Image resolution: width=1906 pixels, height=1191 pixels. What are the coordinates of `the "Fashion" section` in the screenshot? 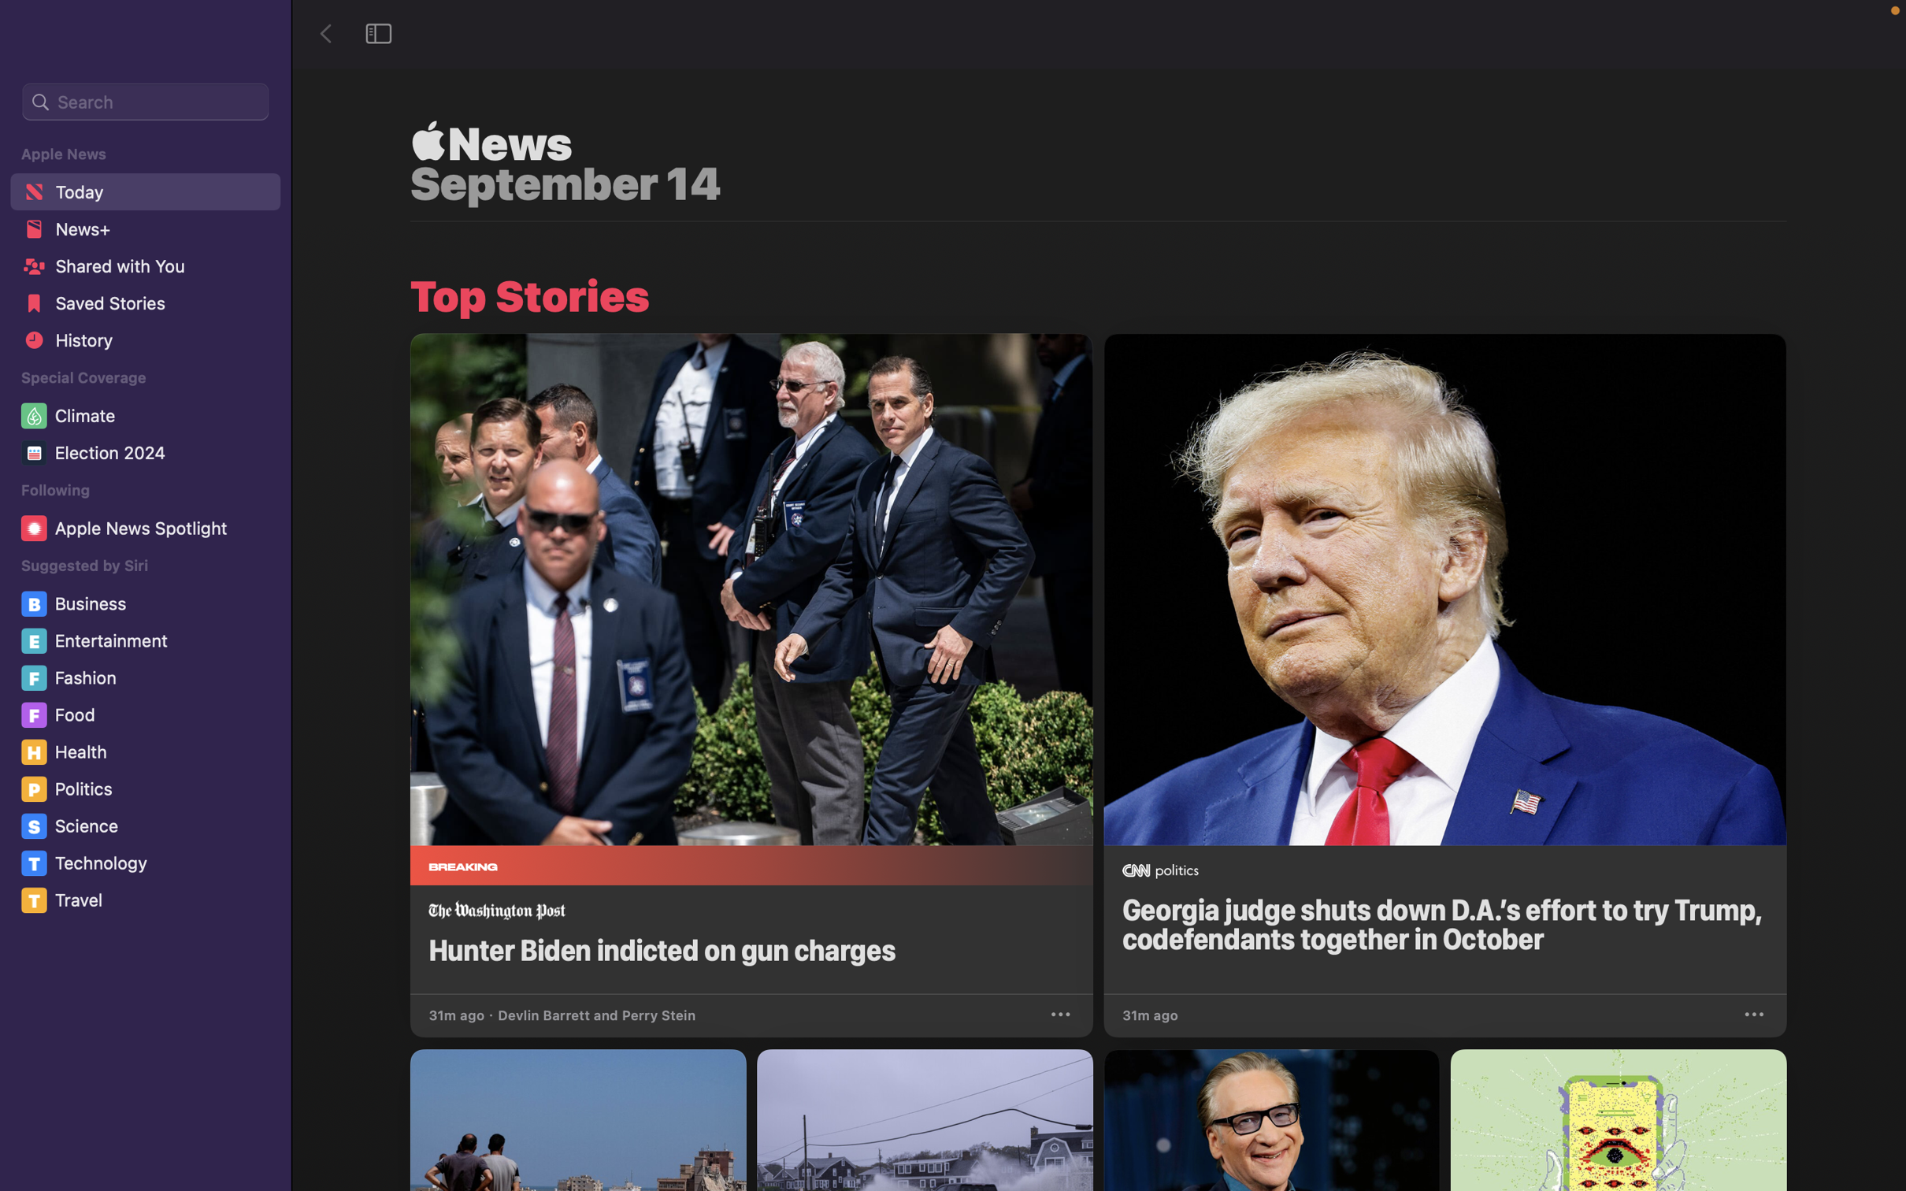 It's located at (147, 677).